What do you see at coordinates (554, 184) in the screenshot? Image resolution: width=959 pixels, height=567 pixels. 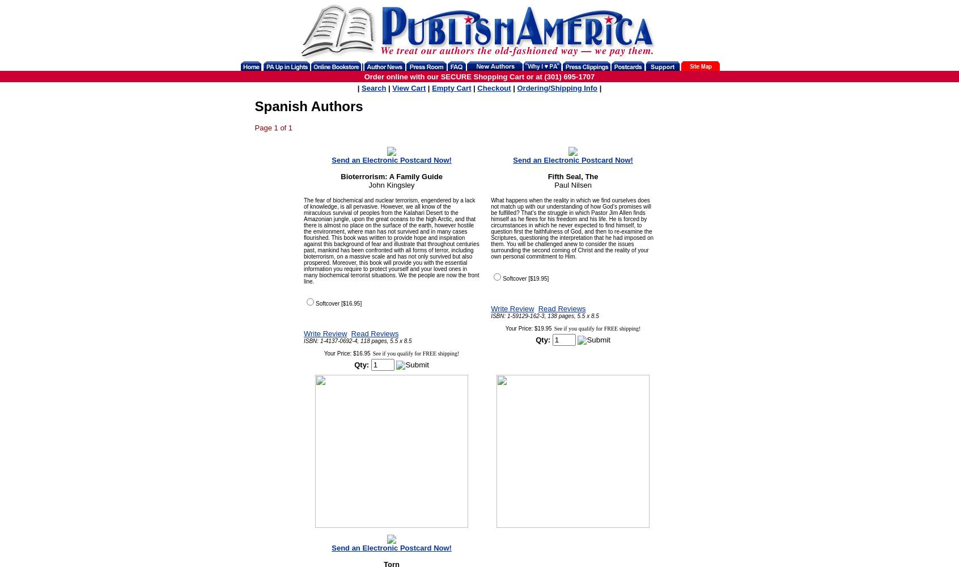 I see `'Paul Nilsen'` at bounding box center [554, 184].